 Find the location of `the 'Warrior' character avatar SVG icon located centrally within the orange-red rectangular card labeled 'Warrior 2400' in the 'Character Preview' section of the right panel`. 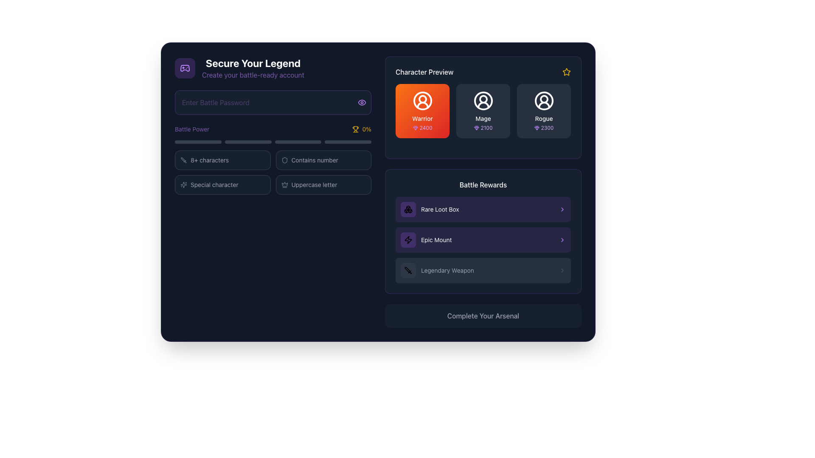

the 'Warrior' character avatar SVG icon located centrally within the orange-red rectangular card labeled 'Warrior 2400' in the 'Character Preview' section of the right panel is located at coordinates (422, 101).